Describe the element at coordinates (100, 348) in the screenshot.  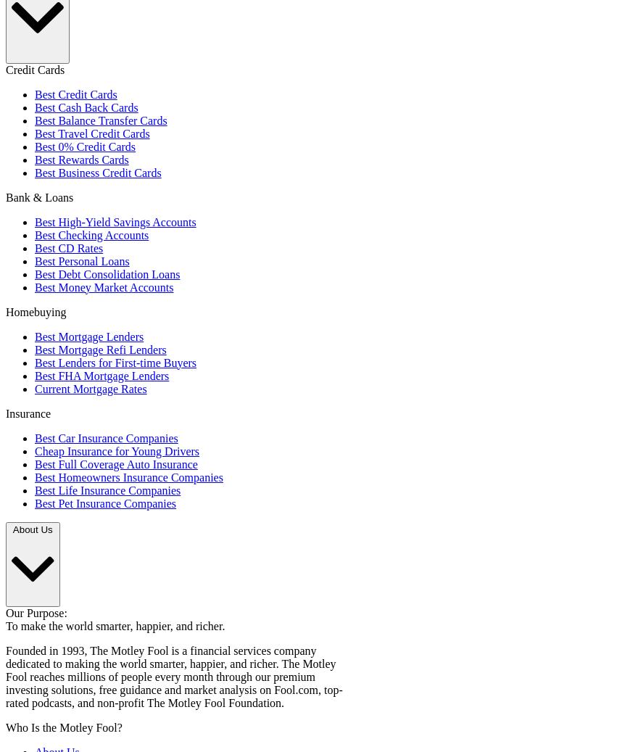
I see `'Best Mortgage Refi Lenders'` at that location.